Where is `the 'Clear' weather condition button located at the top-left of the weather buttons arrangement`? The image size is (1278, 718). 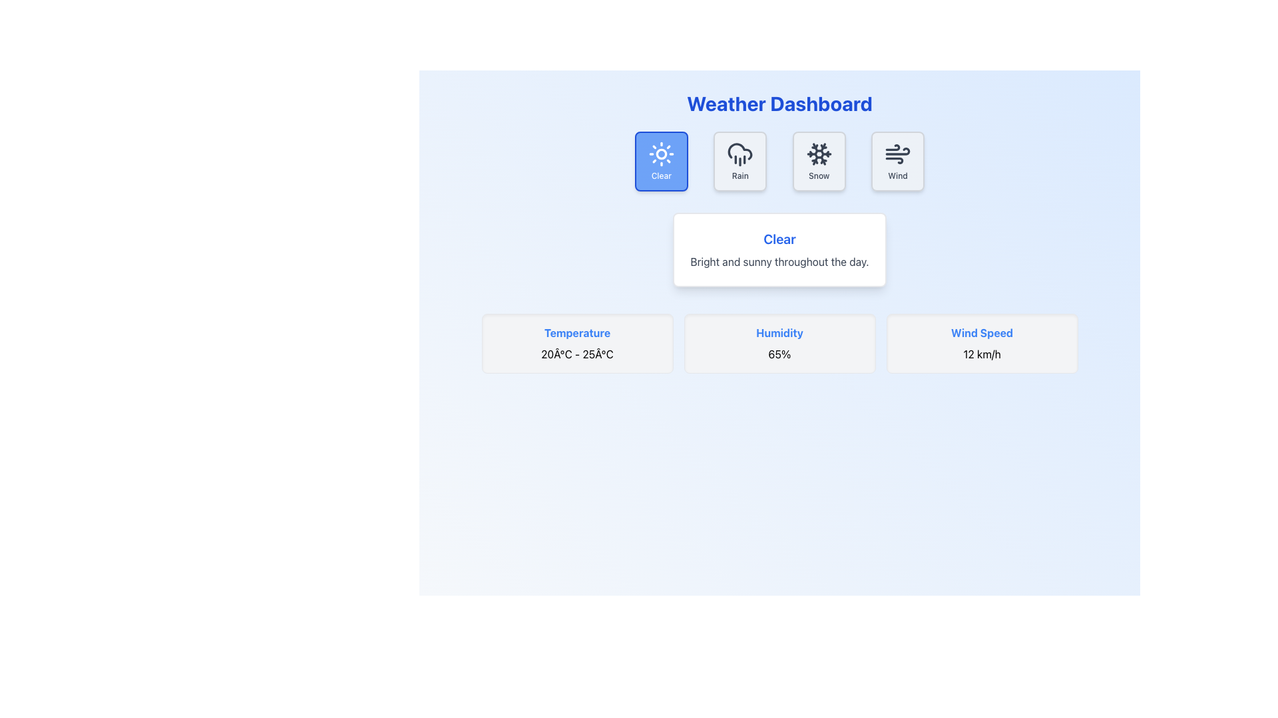
the 'Clear' weather condition button located at the top-left of the weather buttons arrangement is located at coordinates (661, 161).